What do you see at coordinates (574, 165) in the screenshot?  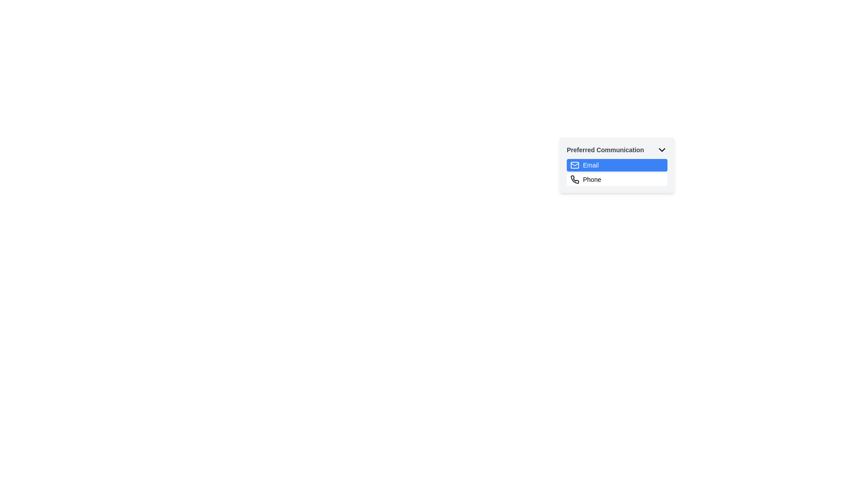 I see `the Email icon component in the Preferred Communication dropdown menu, which is represented by an SVG rectangle in the top-left region` at bounding box center [574, 165].